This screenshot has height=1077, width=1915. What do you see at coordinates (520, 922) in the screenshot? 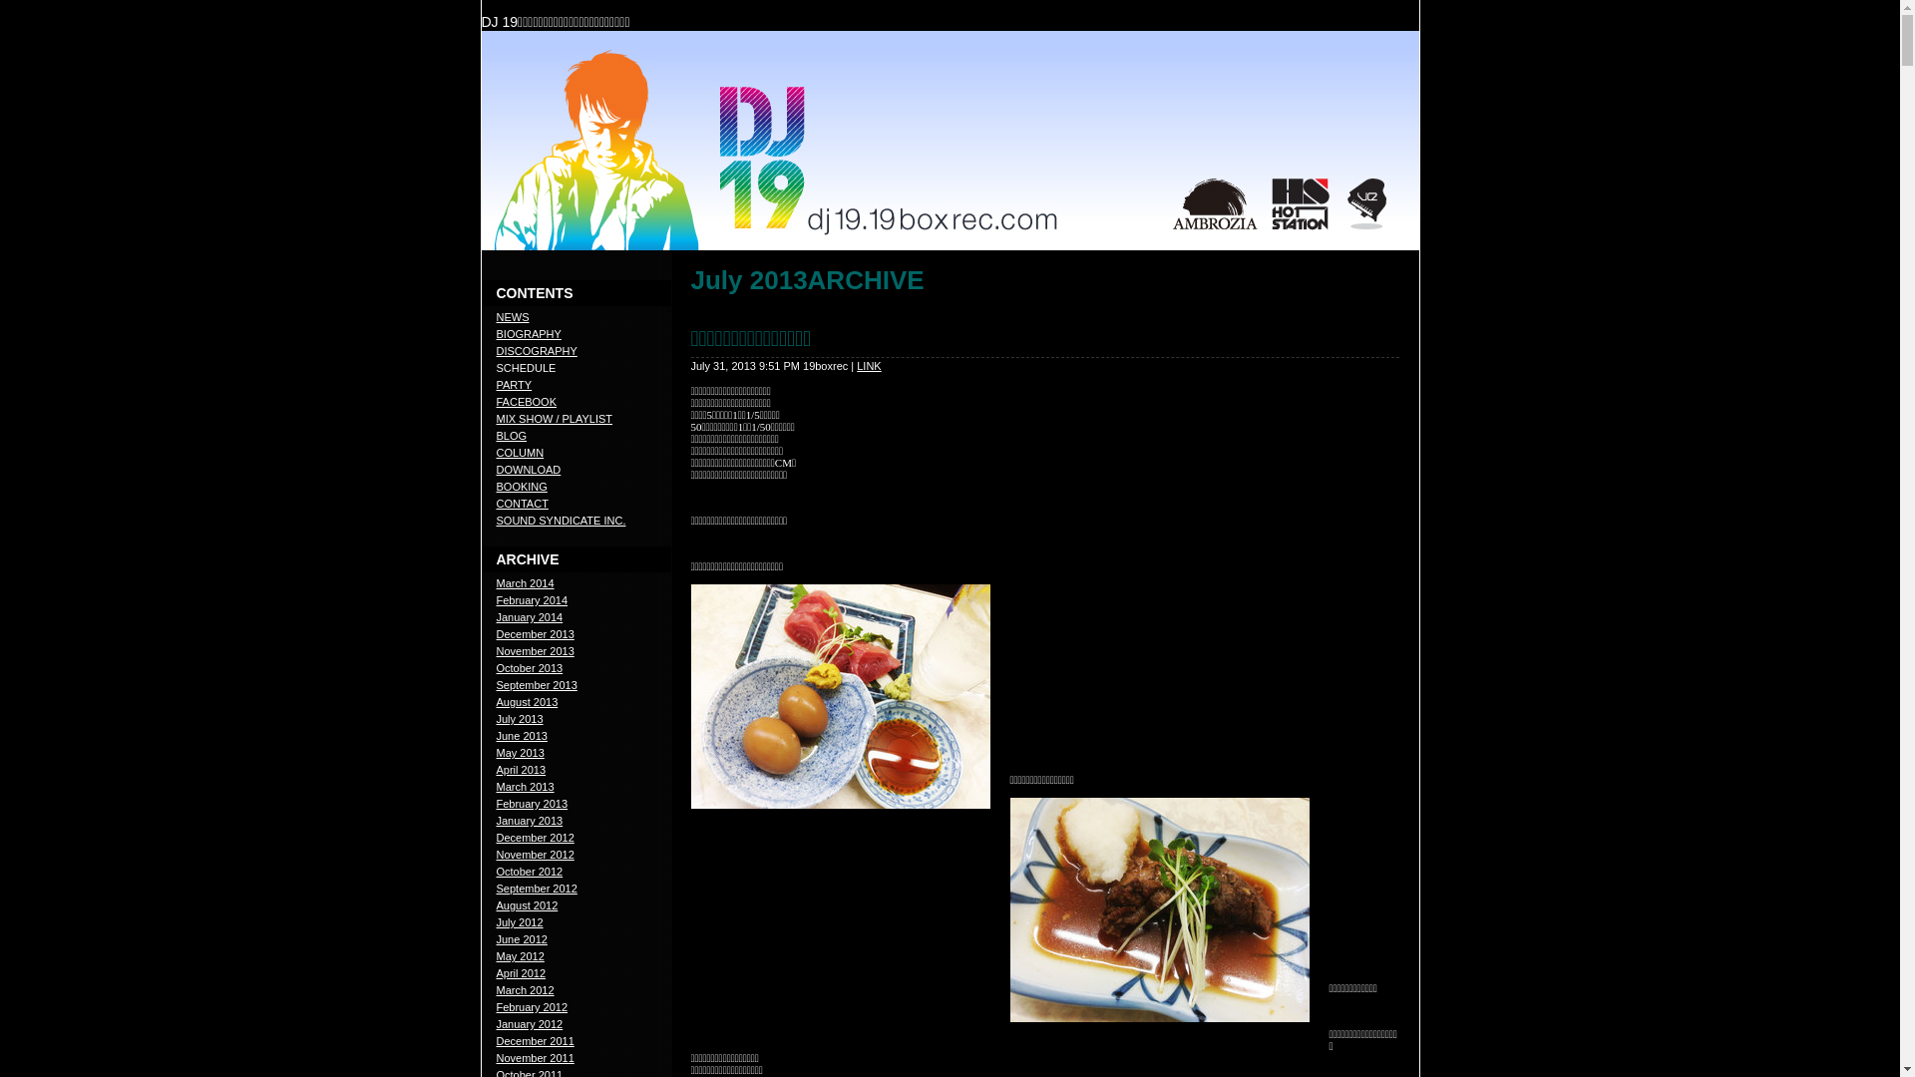
I see `'July 2012'` at bounding box center [520, 922].